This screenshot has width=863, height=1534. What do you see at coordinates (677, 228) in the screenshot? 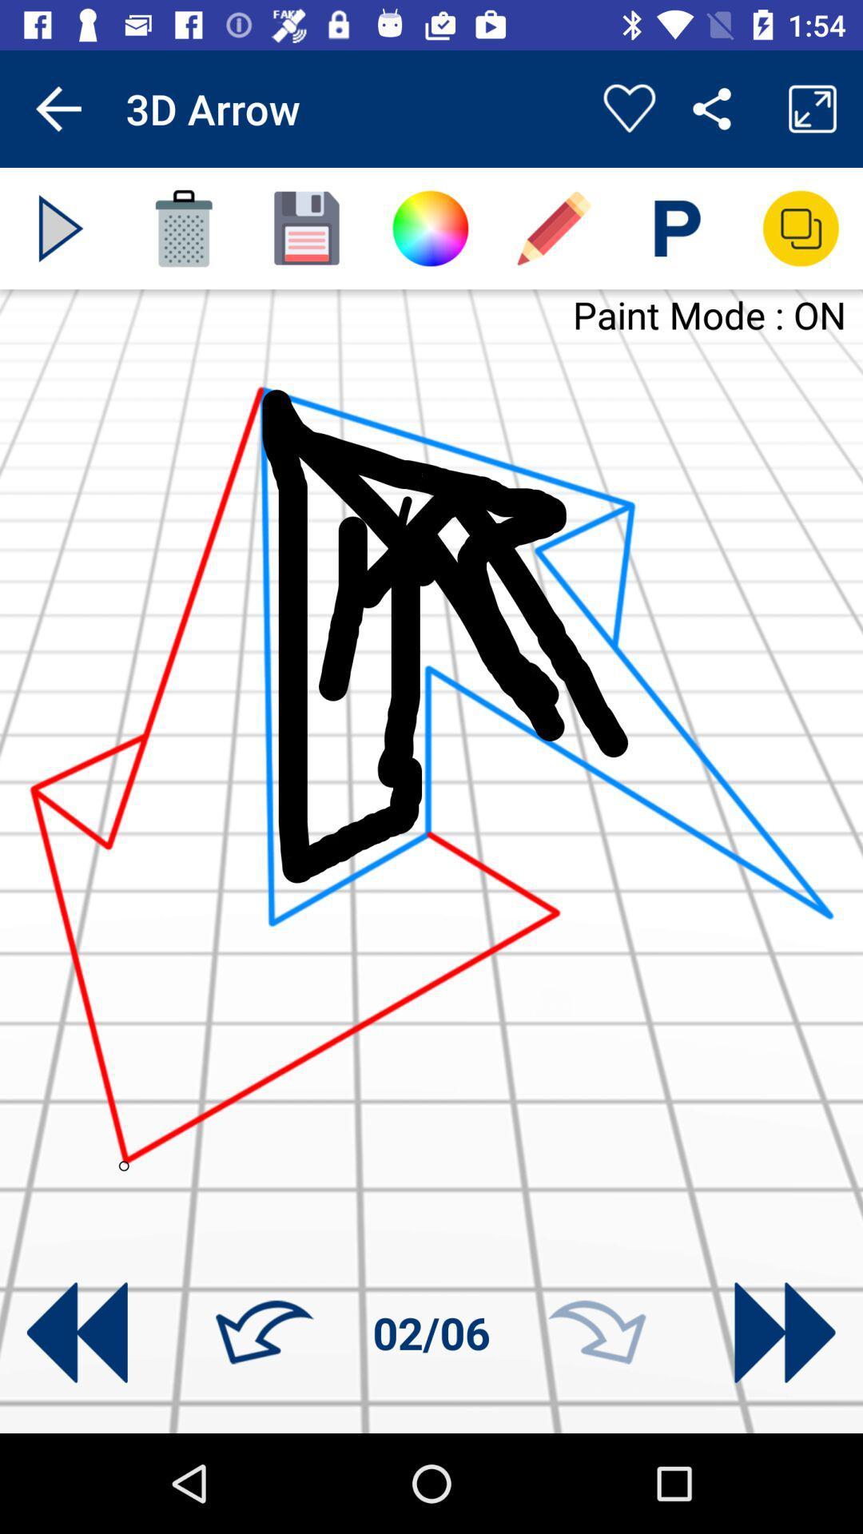
I see `type text` at bounding box center [677, 228].